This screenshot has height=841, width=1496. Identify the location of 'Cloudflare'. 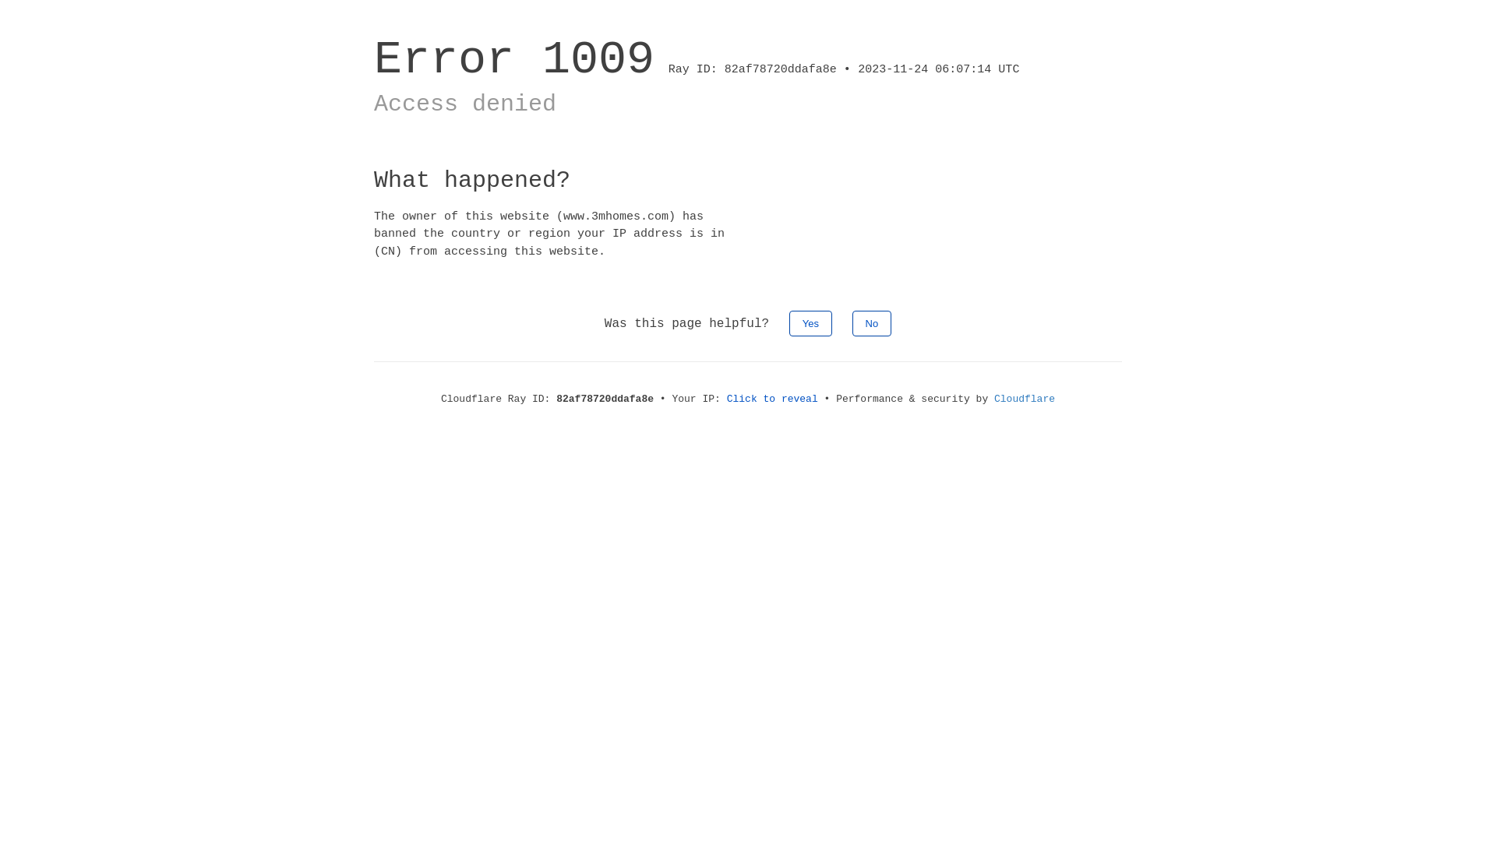
(1025, 398).